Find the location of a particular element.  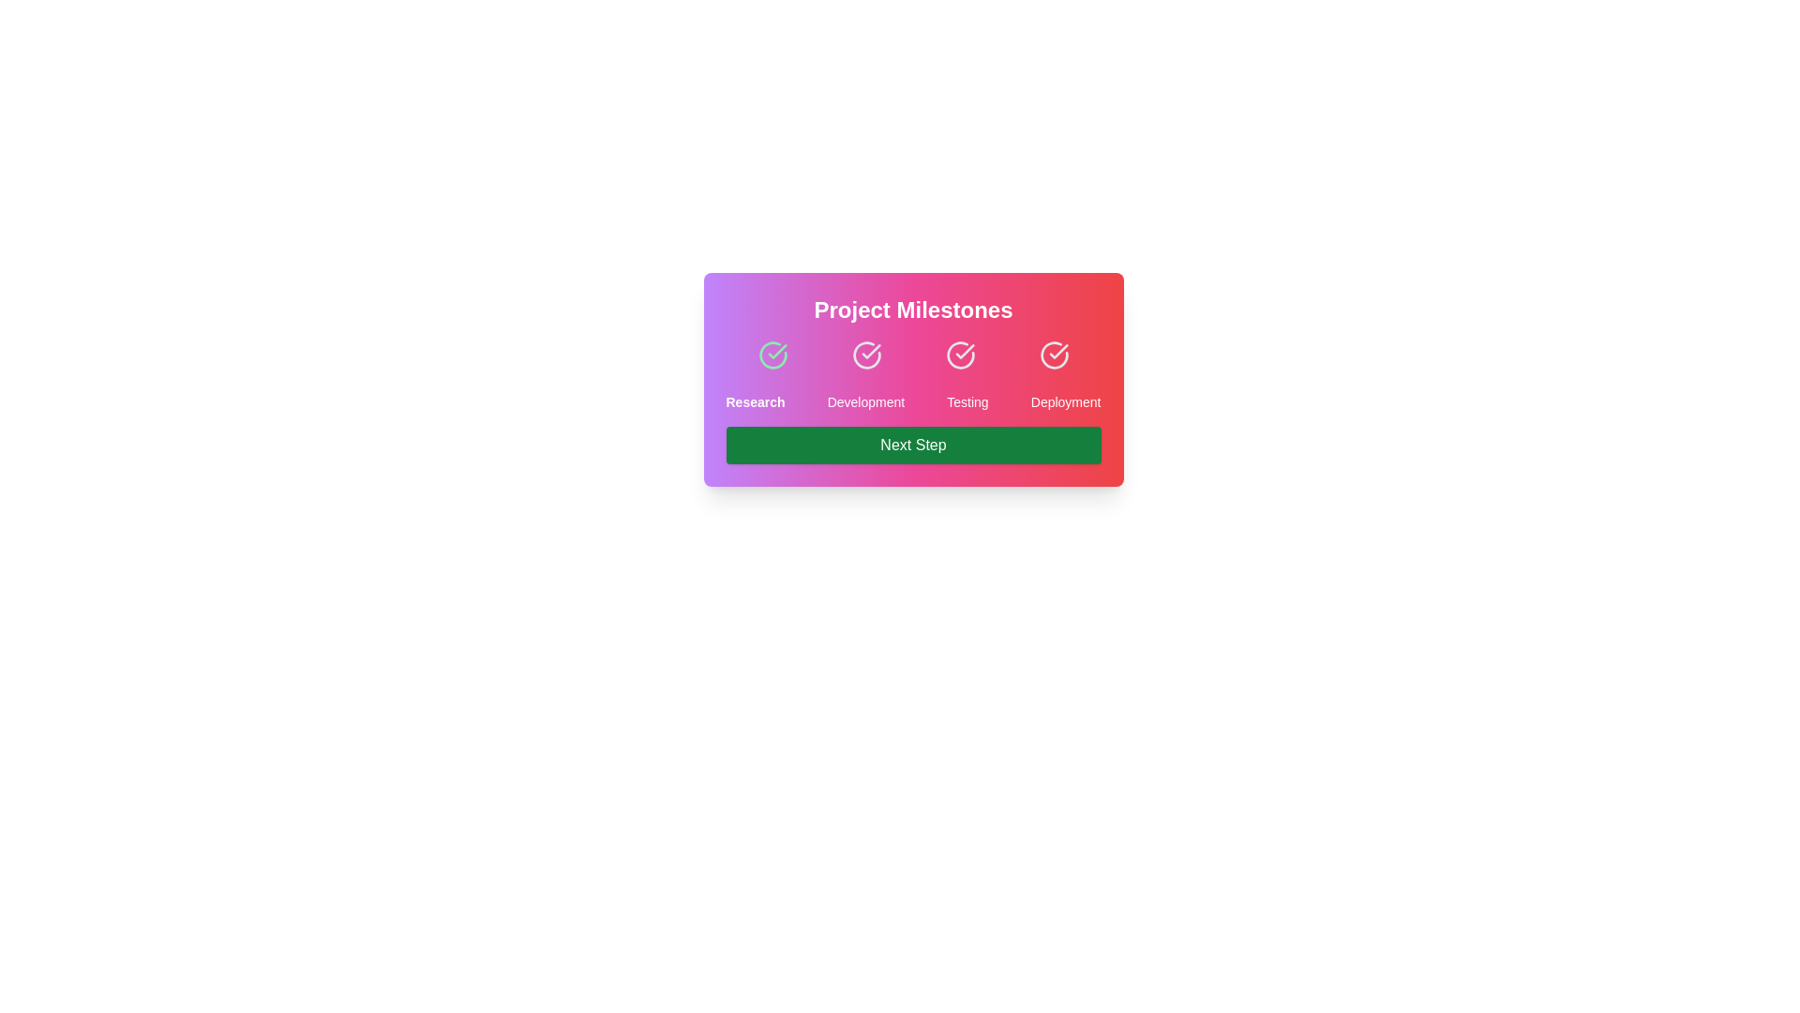

text 'Research' from the text label displayed in bold and underlined style, located in the 'Project Milestones' section of the UI is located at coordinates (756, 401).